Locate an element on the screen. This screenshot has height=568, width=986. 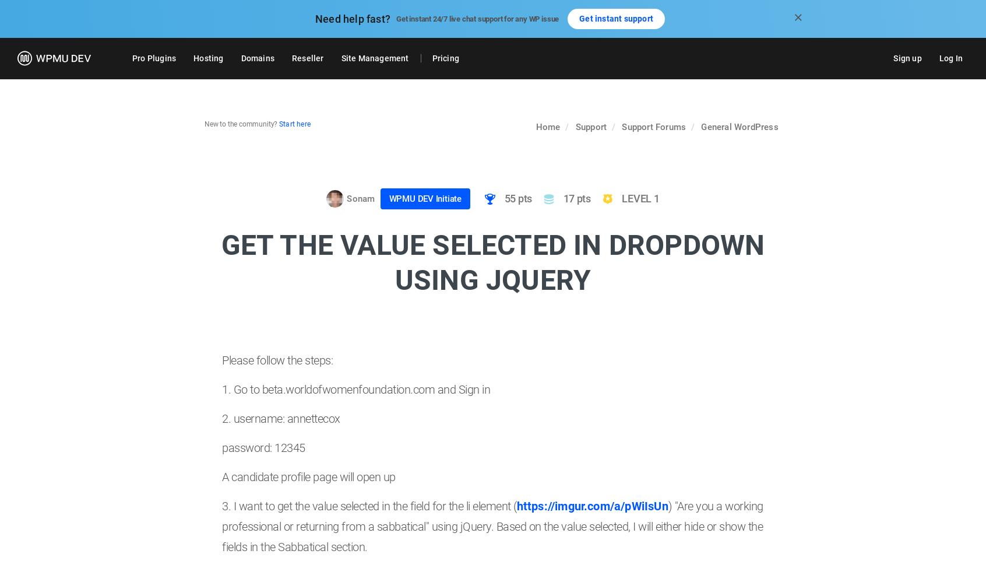
'Support Forums' is located at coordinates (653, 127).